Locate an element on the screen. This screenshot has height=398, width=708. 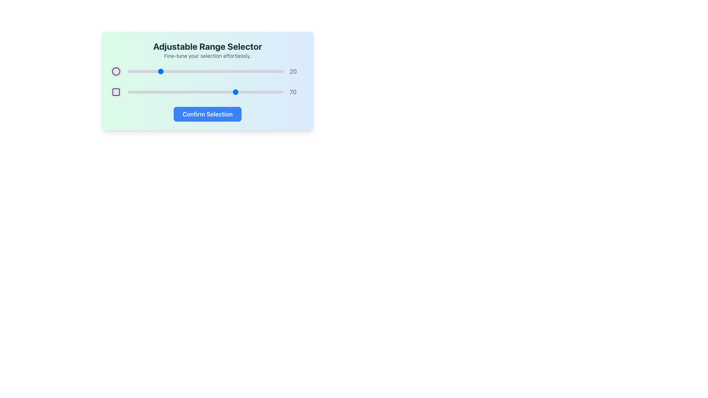
the text block providing a description or explanatory text, located directly below 'Adjustable Range Selector' and centered in the upper part of the interface is located at coordinates (207, 55).